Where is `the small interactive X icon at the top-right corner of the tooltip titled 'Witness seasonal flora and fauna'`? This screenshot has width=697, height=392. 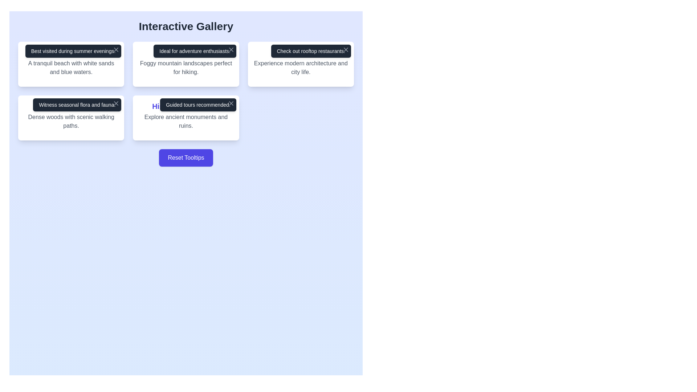
the small interactive X icon at the top-right corner of the tooltip titled 'Witness seasonal flora and fauna' is located at coordinates (116, 103).